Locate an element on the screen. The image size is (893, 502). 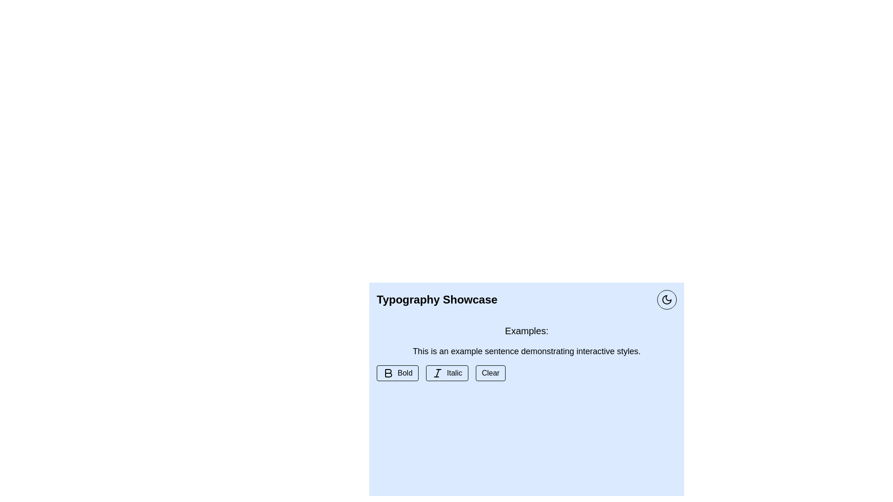
the button labeled 'Italic' that contains a black italicized uppercase 'I' icon is located at coordinates (437, 372).